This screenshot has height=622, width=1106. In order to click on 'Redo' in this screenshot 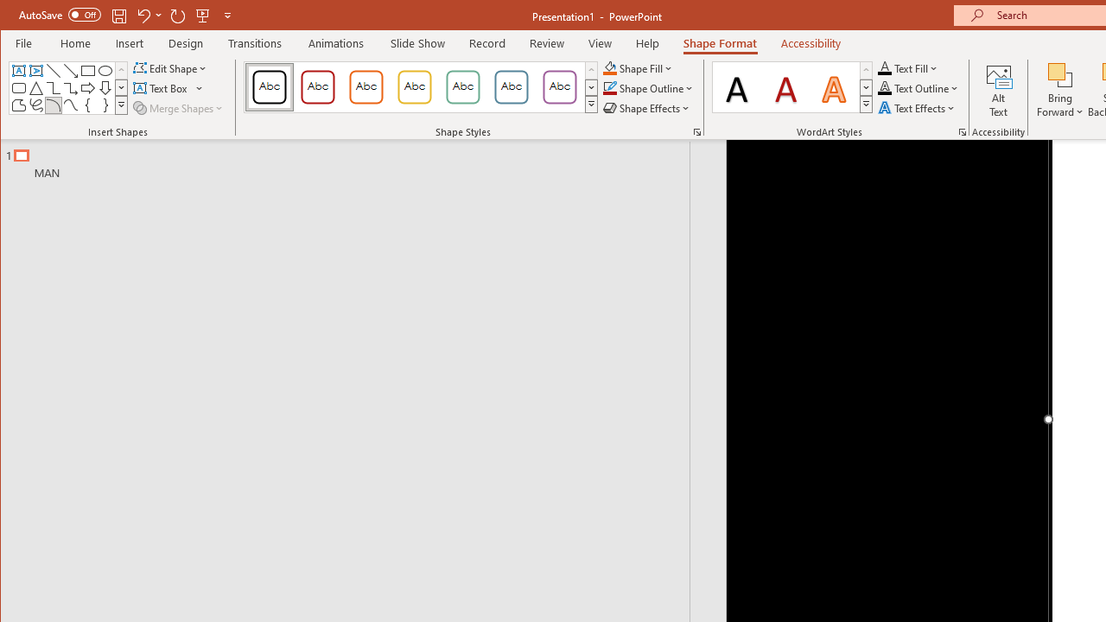, I will do `click(178, 15)`.